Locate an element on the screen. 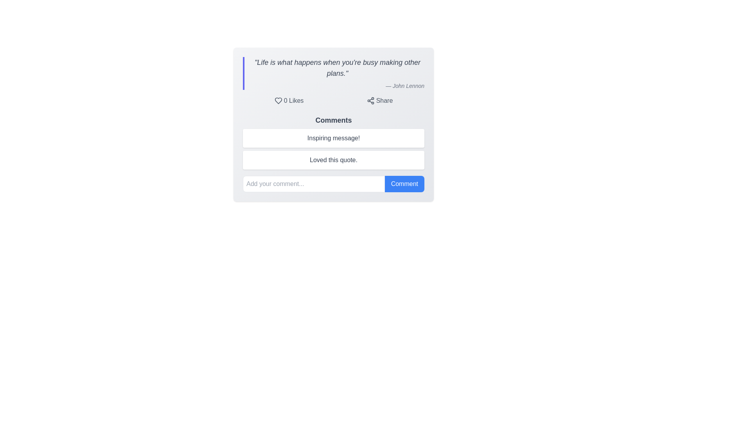 This screenshot has width=751, height=422. the 'Share' button located in the bottom section of the panel, to the right of the '0 Likes' button, to change its color is located at coordinates (379, 100).